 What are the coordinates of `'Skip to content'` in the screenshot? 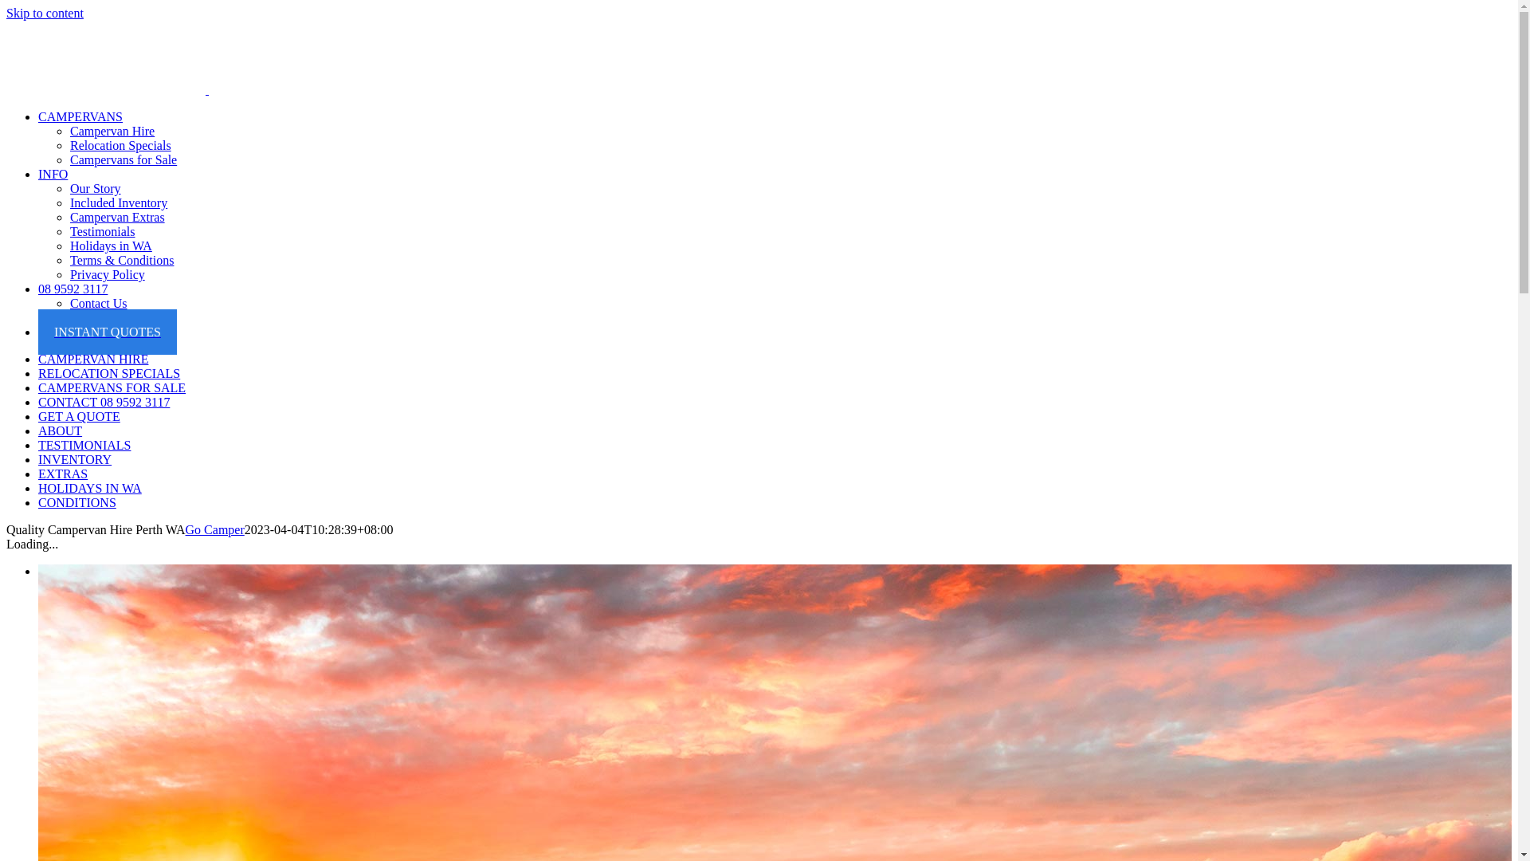 It's located at (45, 13).